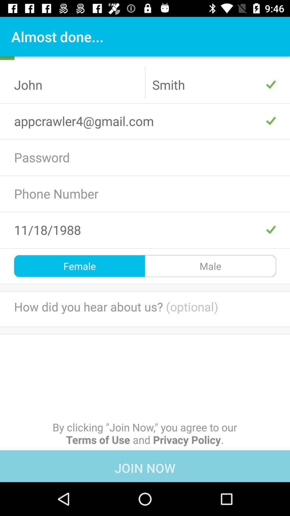 Image resolution: width=290 pixels, height=516 pixels. I want to click on the text john, so click(76, 84).